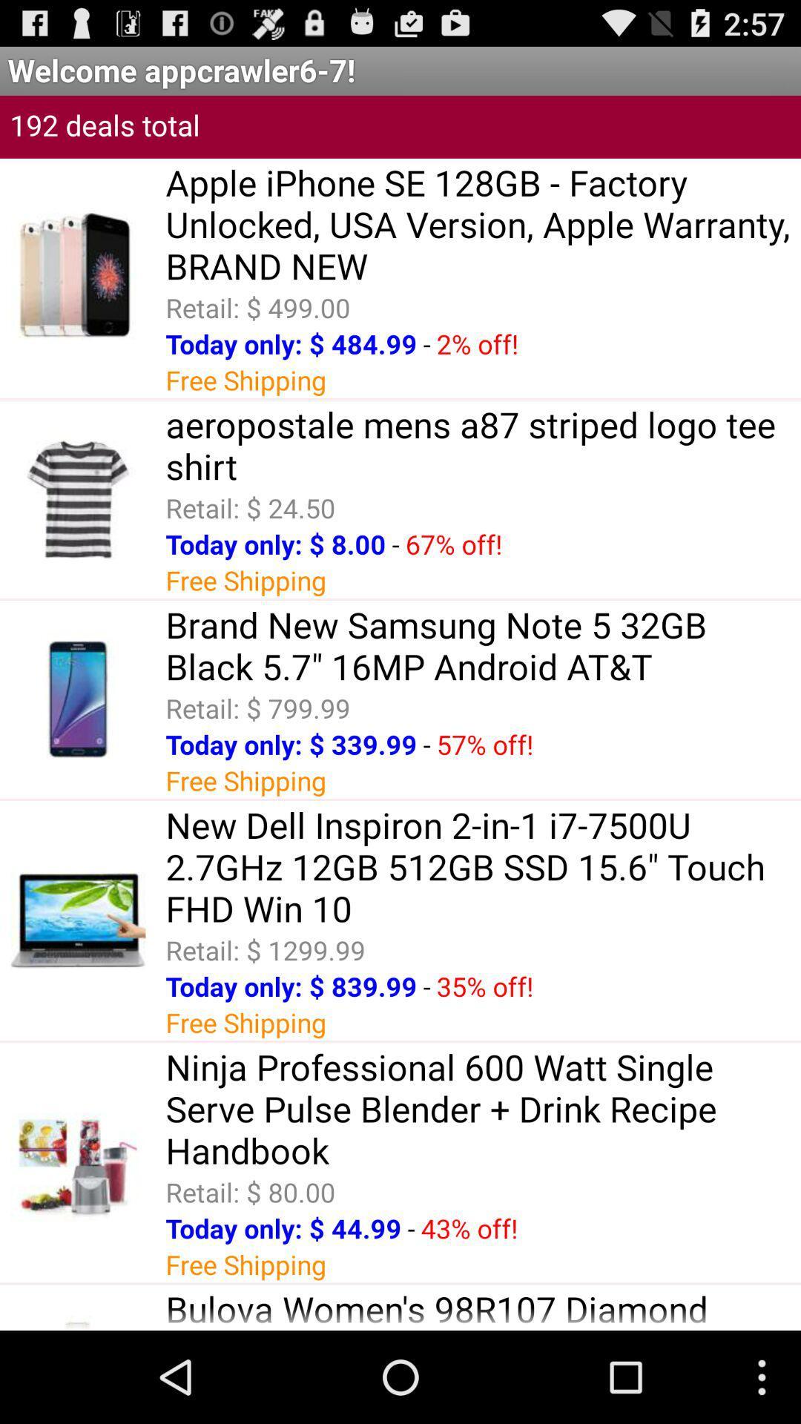 The width and height of the screenshot is (801, 1424). I want to click on the icon next to the 35% off!, so click(426, 986).